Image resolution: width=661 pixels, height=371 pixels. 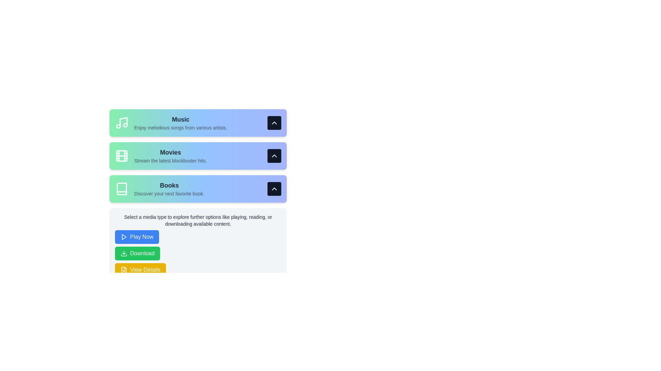 I want to click on the 'Books' Category Card, which has a light green to blue gradient background and is the third card in a vertical stack, so click(x=198, y=196).